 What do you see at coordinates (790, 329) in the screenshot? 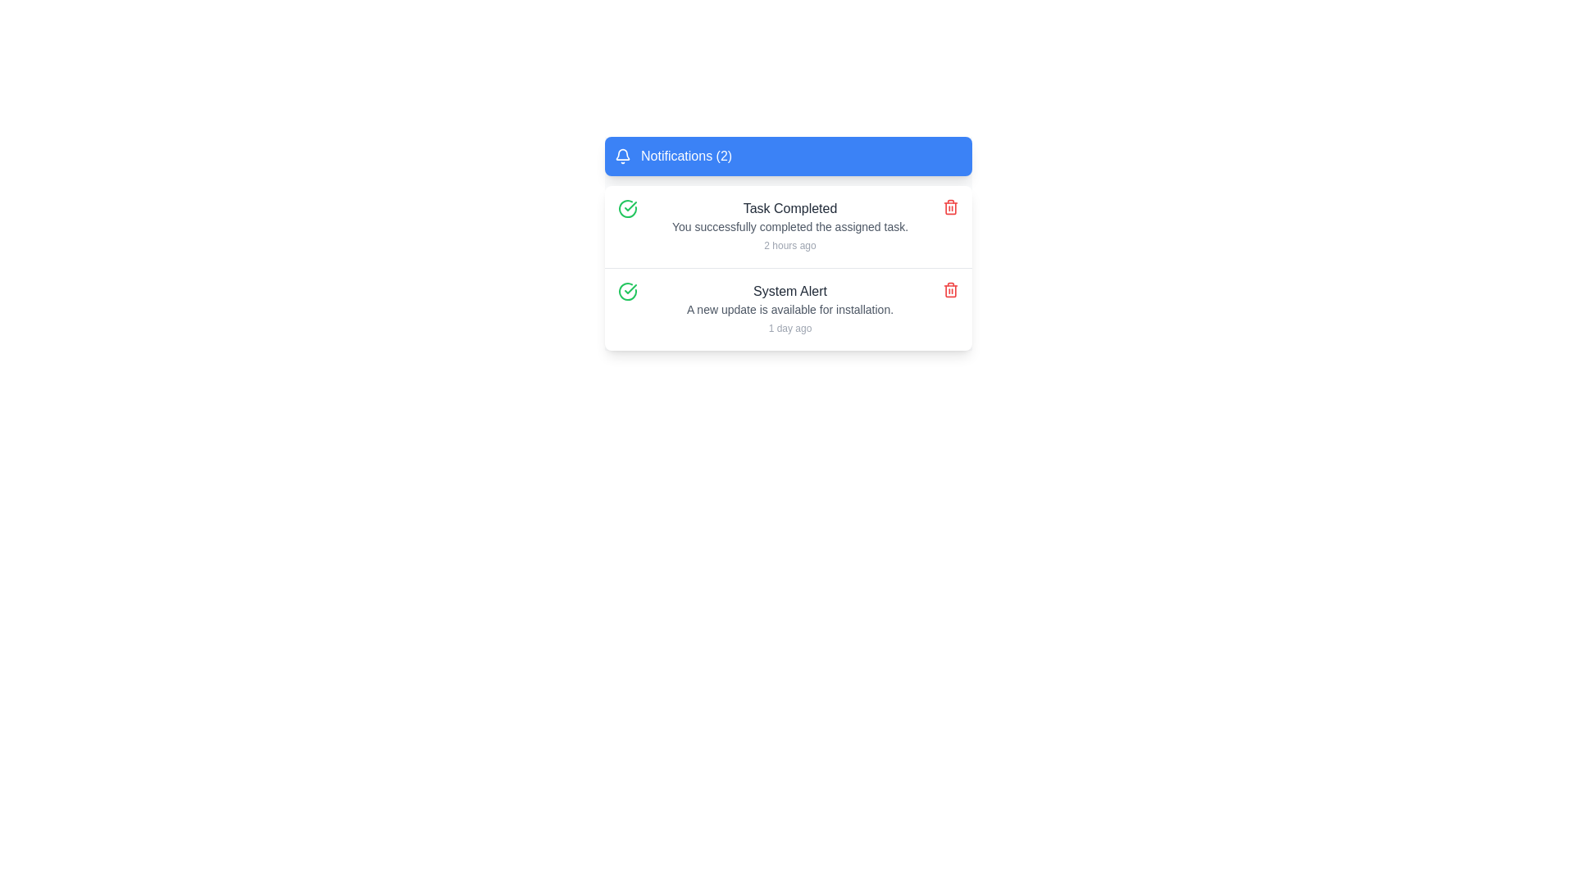
I see `the timestamp text label that displays how long ago the notification was generated, located at the bottom right corner of the 'System Alert' message` at bounding box center [790, 329].